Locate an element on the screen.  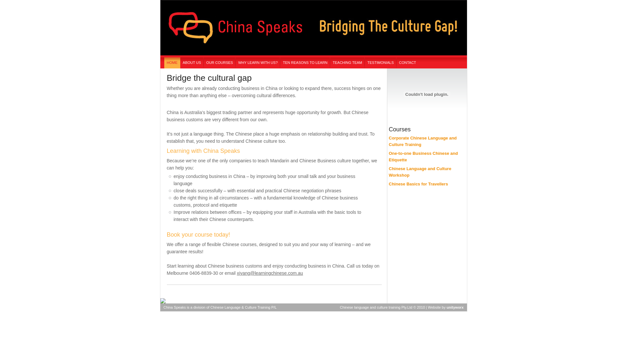
'Chinese Language and Culture Workshop' is located at coordinates (420, 171).